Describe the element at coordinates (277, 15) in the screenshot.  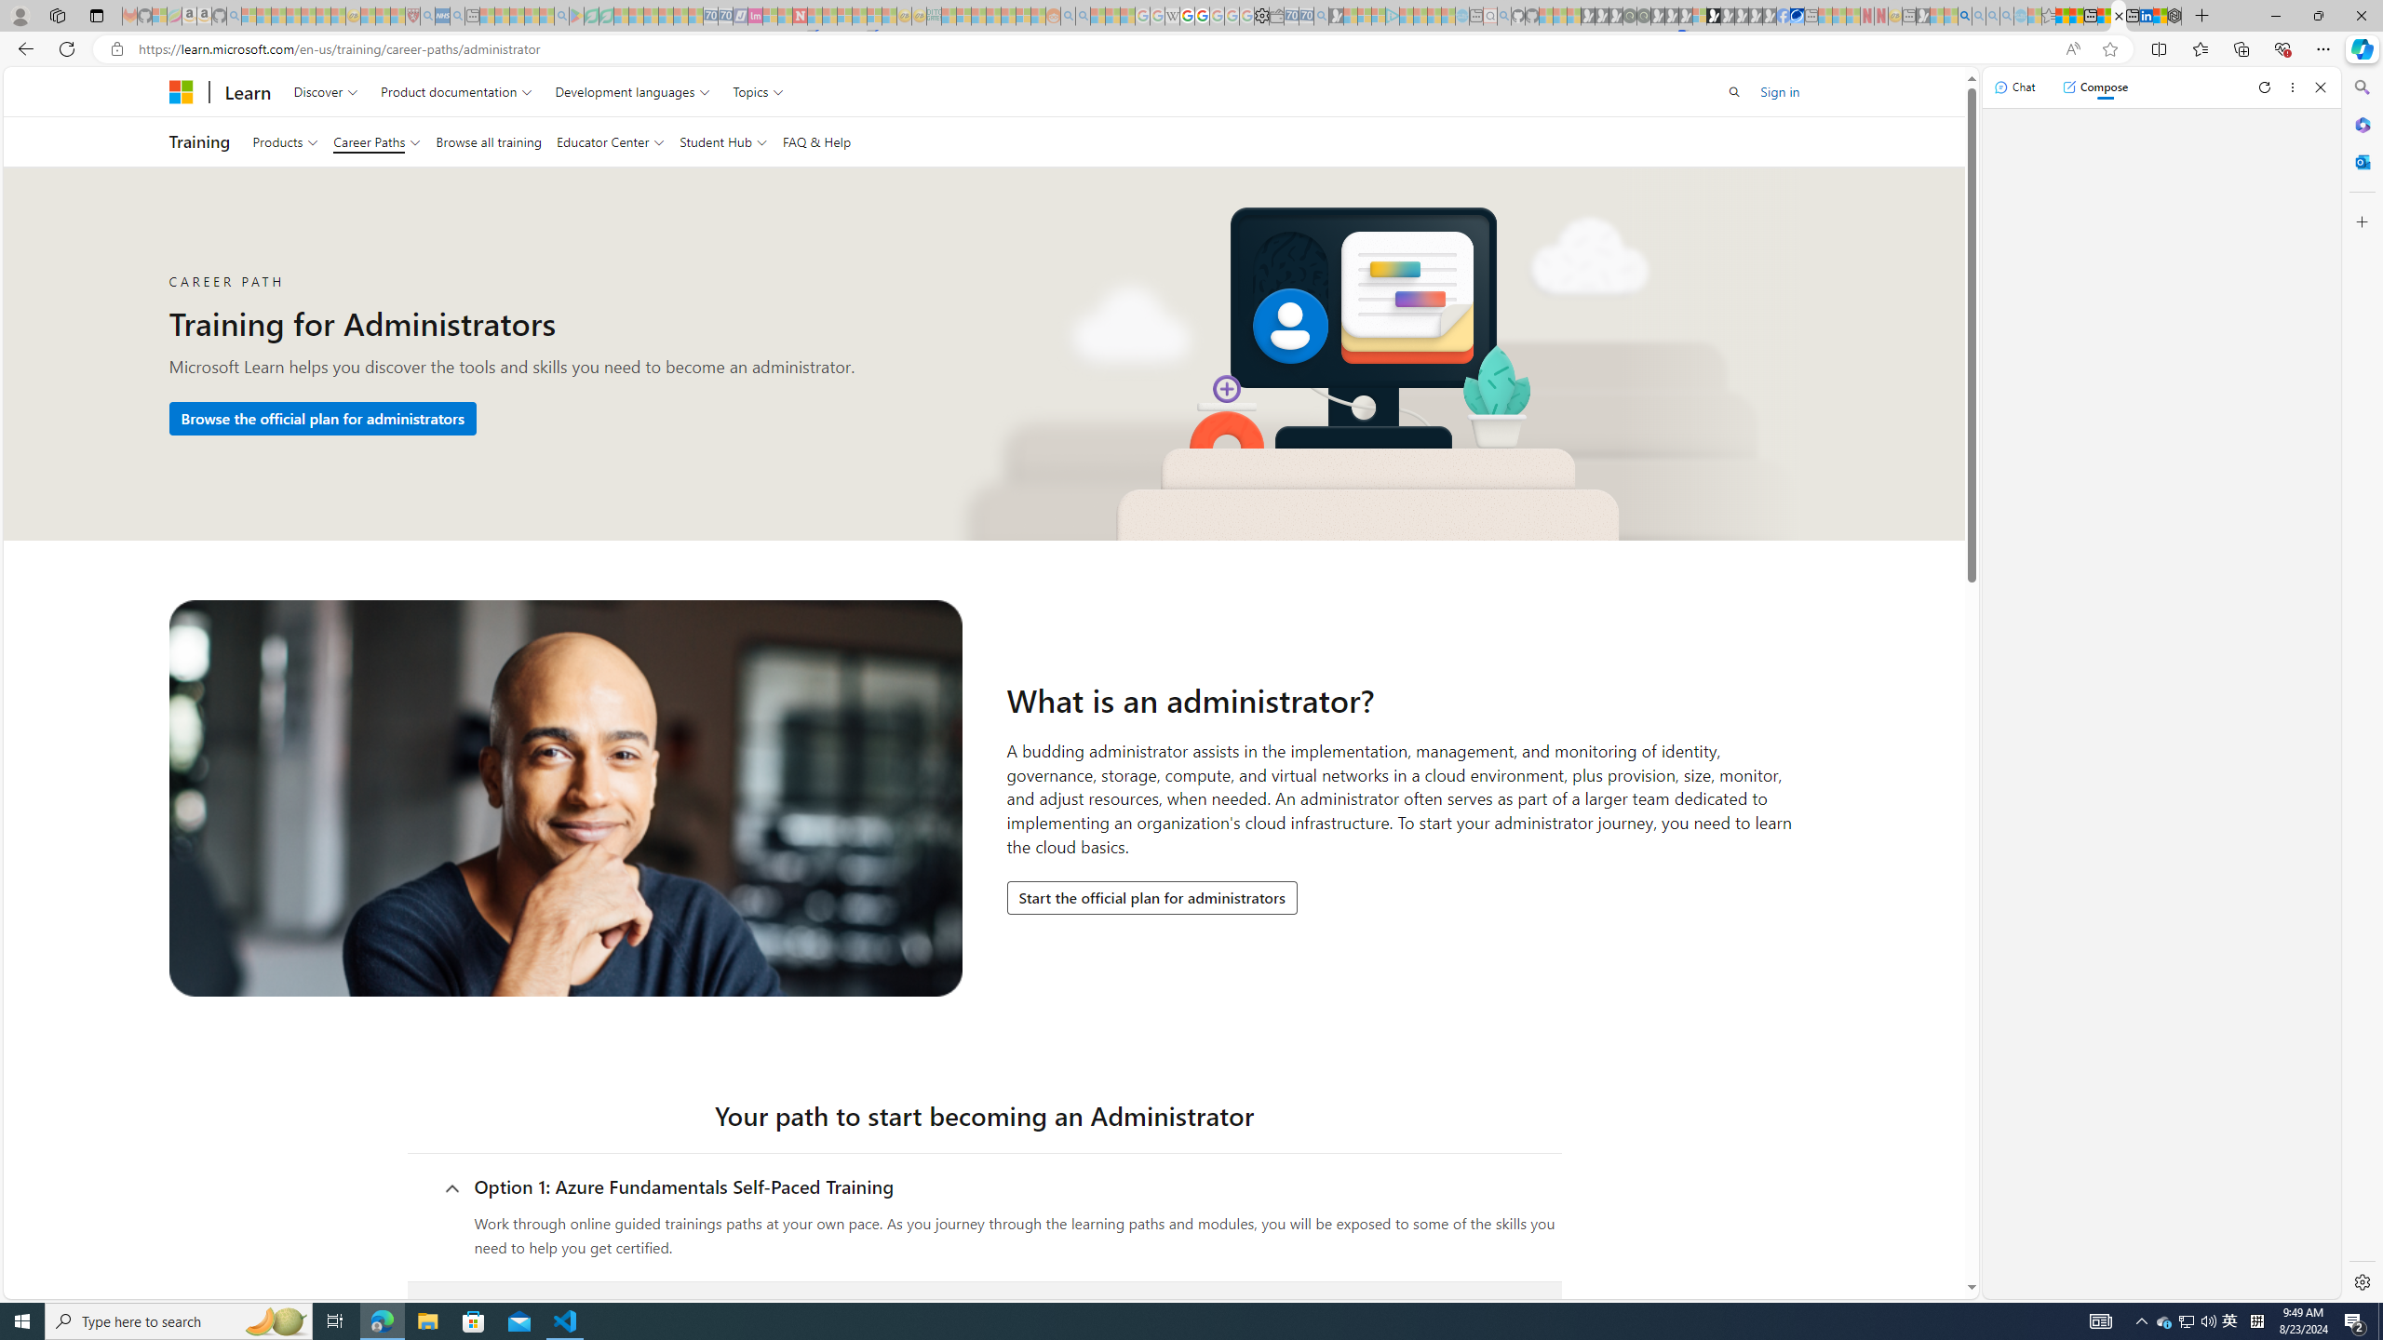
I see `'The Weather Channel - MSN - Sleeping'` at that location.